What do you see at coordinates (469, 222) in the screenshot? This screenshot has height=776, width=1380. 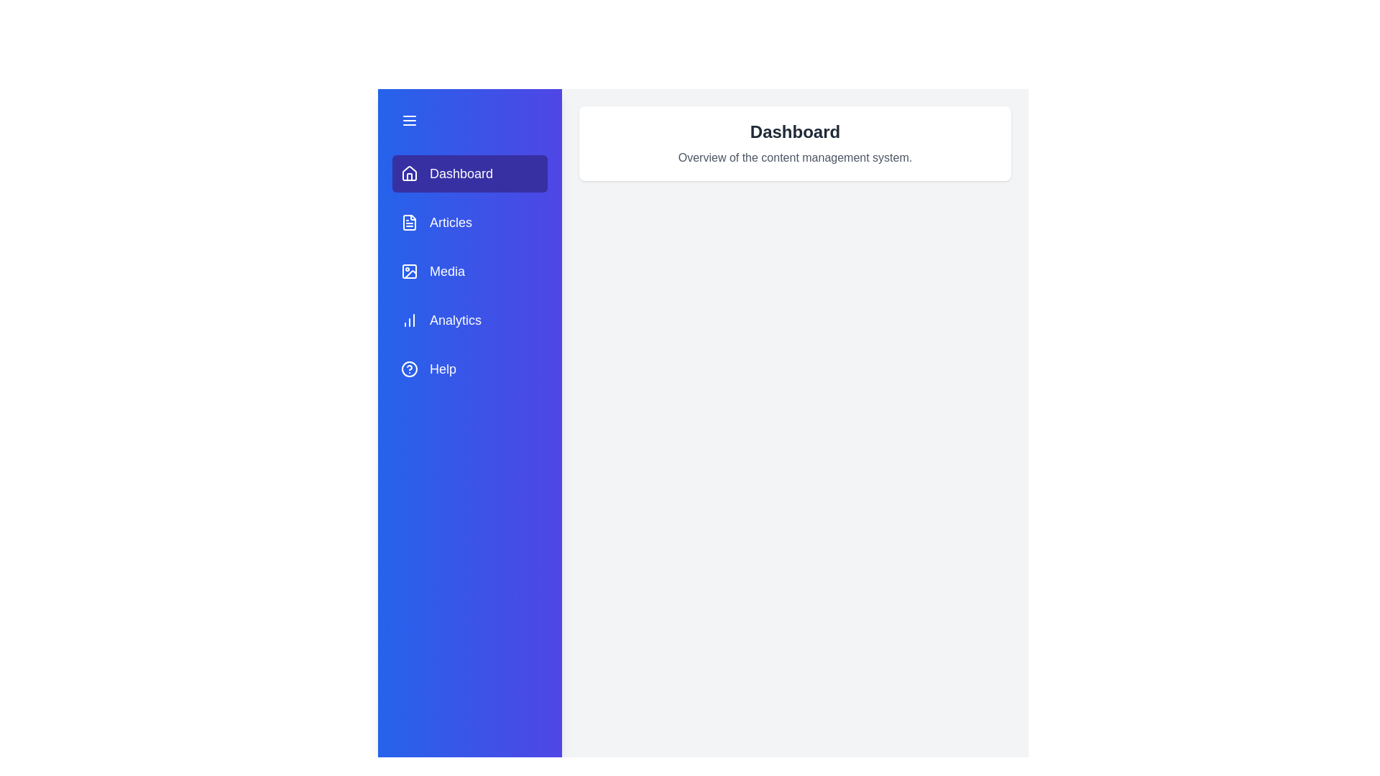 I see `the tab labeled Articles to change the active section` at bounding box center [469, 222].